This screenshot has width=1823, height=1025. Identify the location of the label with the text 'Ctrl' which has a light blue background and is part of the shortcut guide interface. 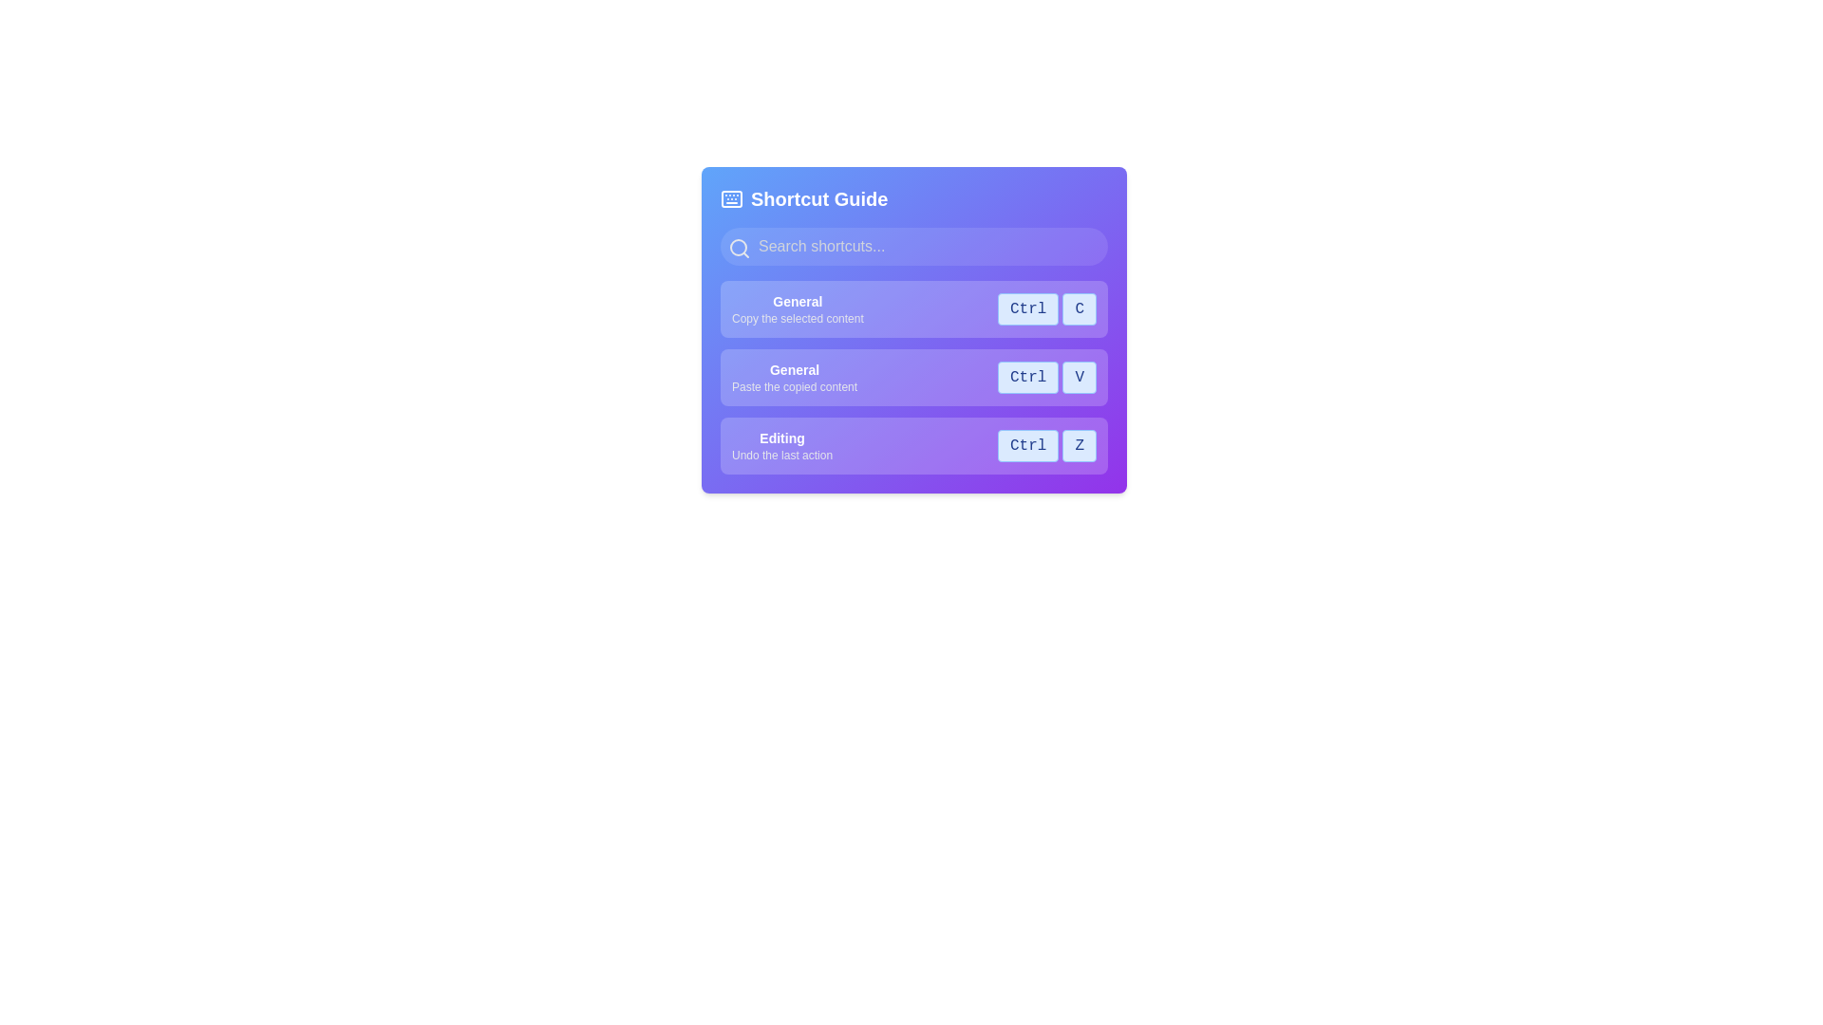
(1027, 308).